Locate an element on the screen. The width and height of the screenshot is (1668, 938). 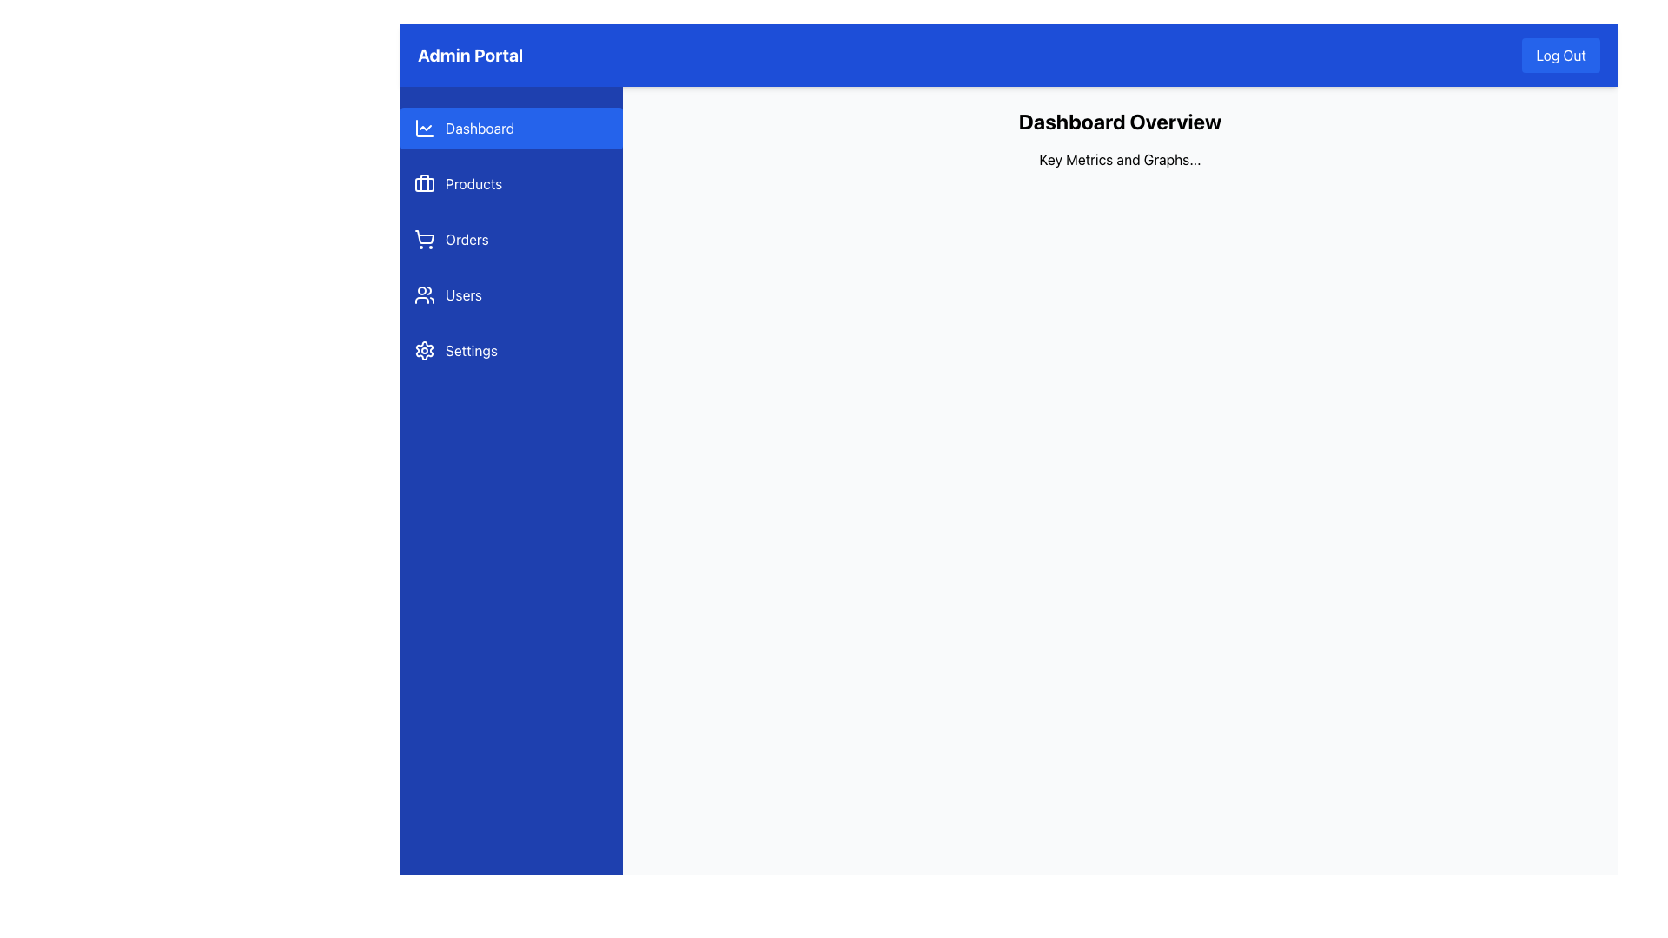
the Navigation Button located in the vertical menu, positioned below the 'Dashboard' item is located at coordinates (511, 184).